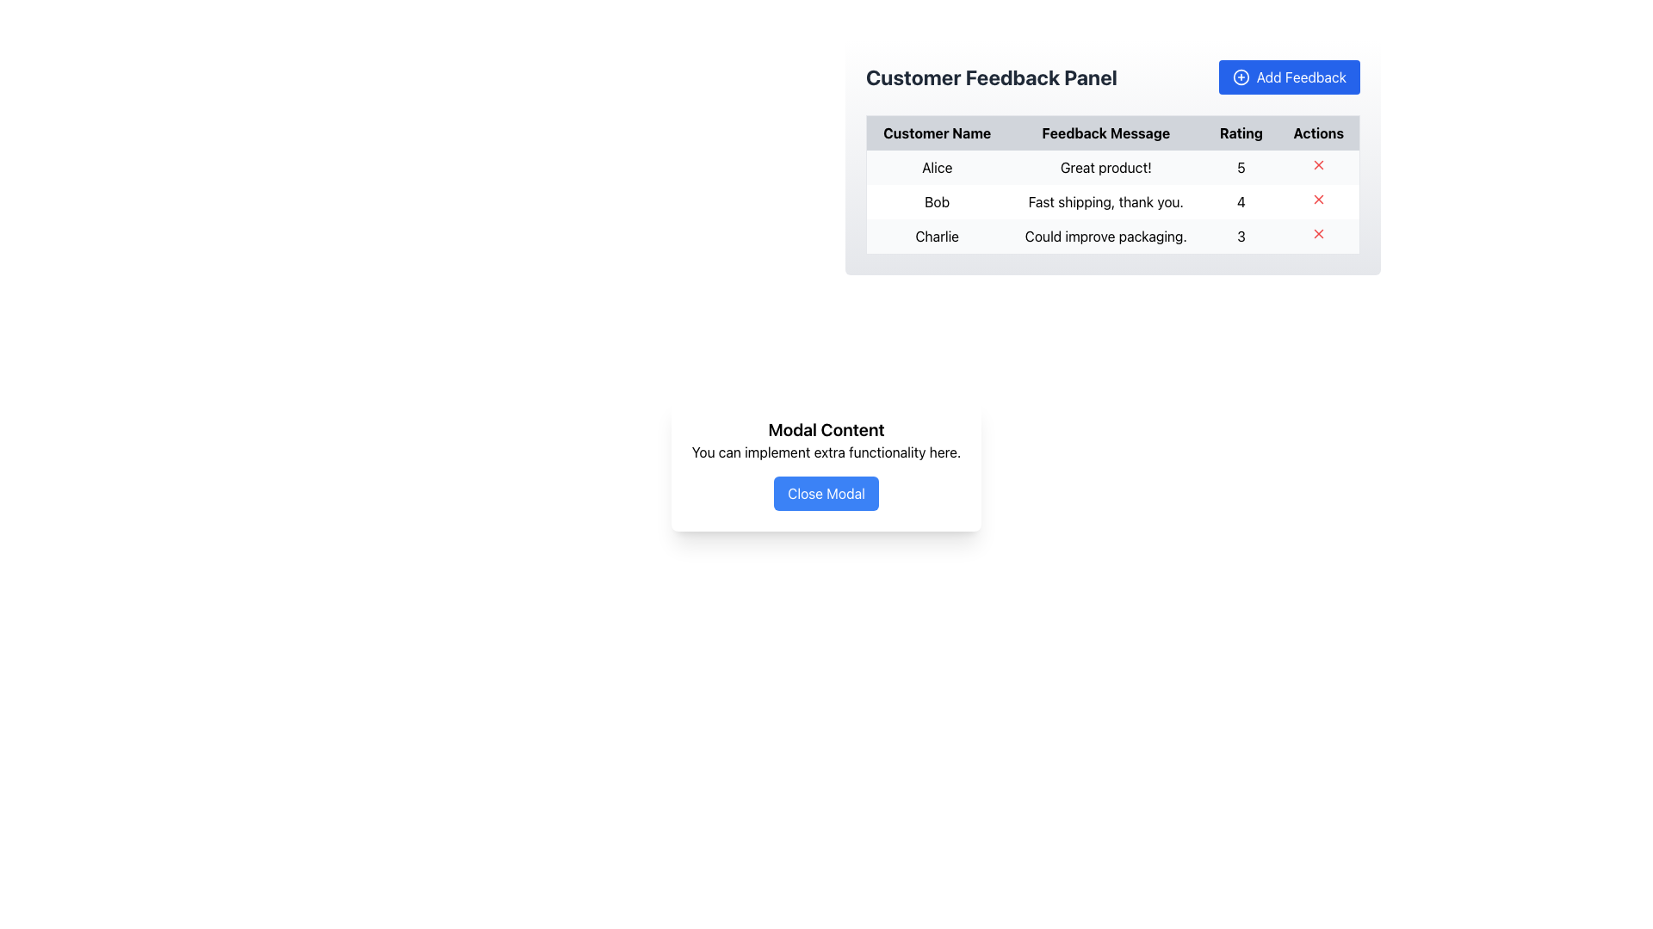 The height and width of the screenshot is (929, 1653). What do you see at coordinates (1105, 132) in the screenshot?
I see `the header element that labels the column containing customer feedback messages, positioned between the 'Customer Name' and 'Rating' column headers in the table` at bounding box center [1105, 132].